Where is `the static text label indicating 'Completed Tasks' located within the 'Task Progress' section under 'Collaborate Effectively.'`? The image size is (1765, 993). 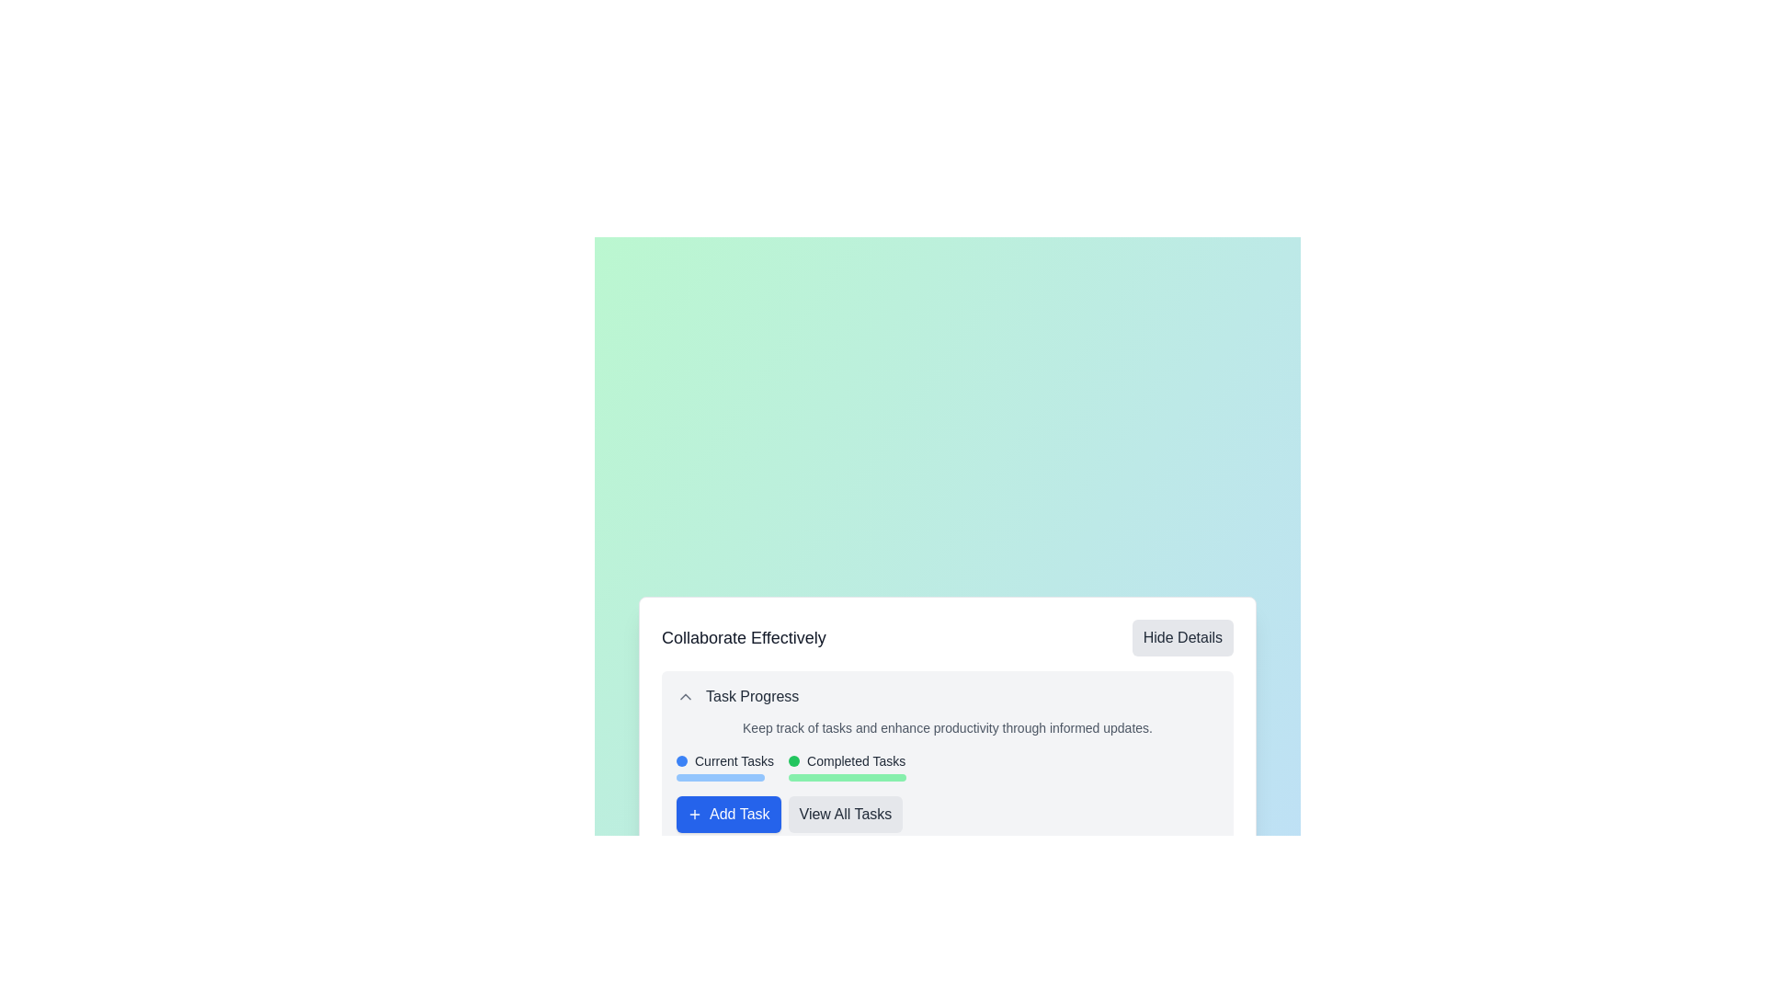 the static text label indicating 'Completed Tasks' located within the 'Task Progress' section under 'Collaborate Effectively.' is located at coordinates (855, 761).